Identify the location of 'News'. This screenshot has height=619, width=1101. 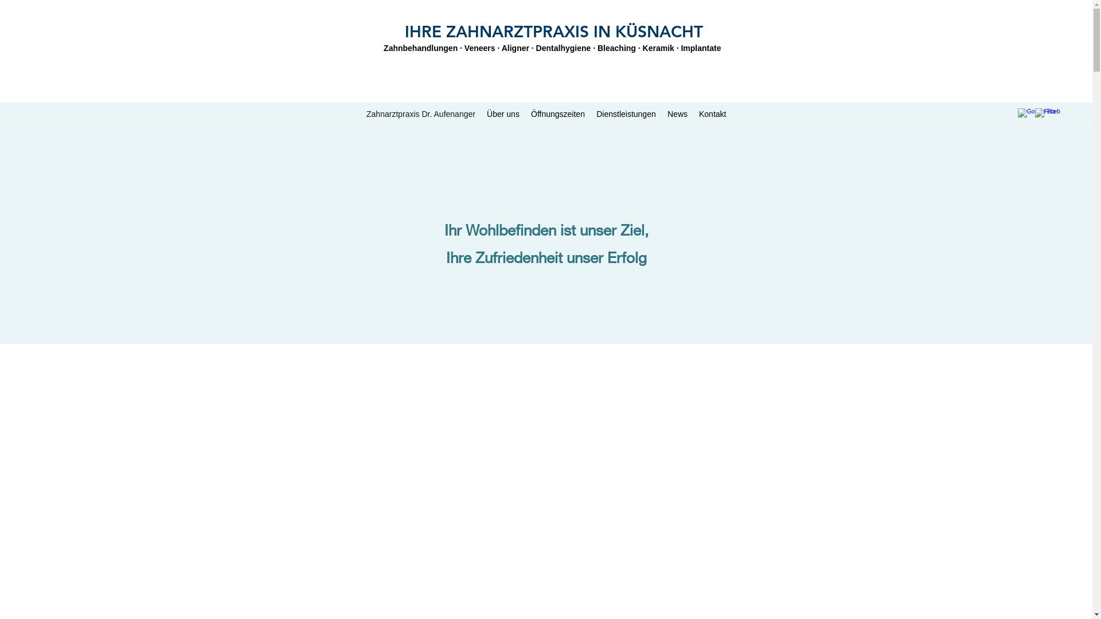
(677, 114).